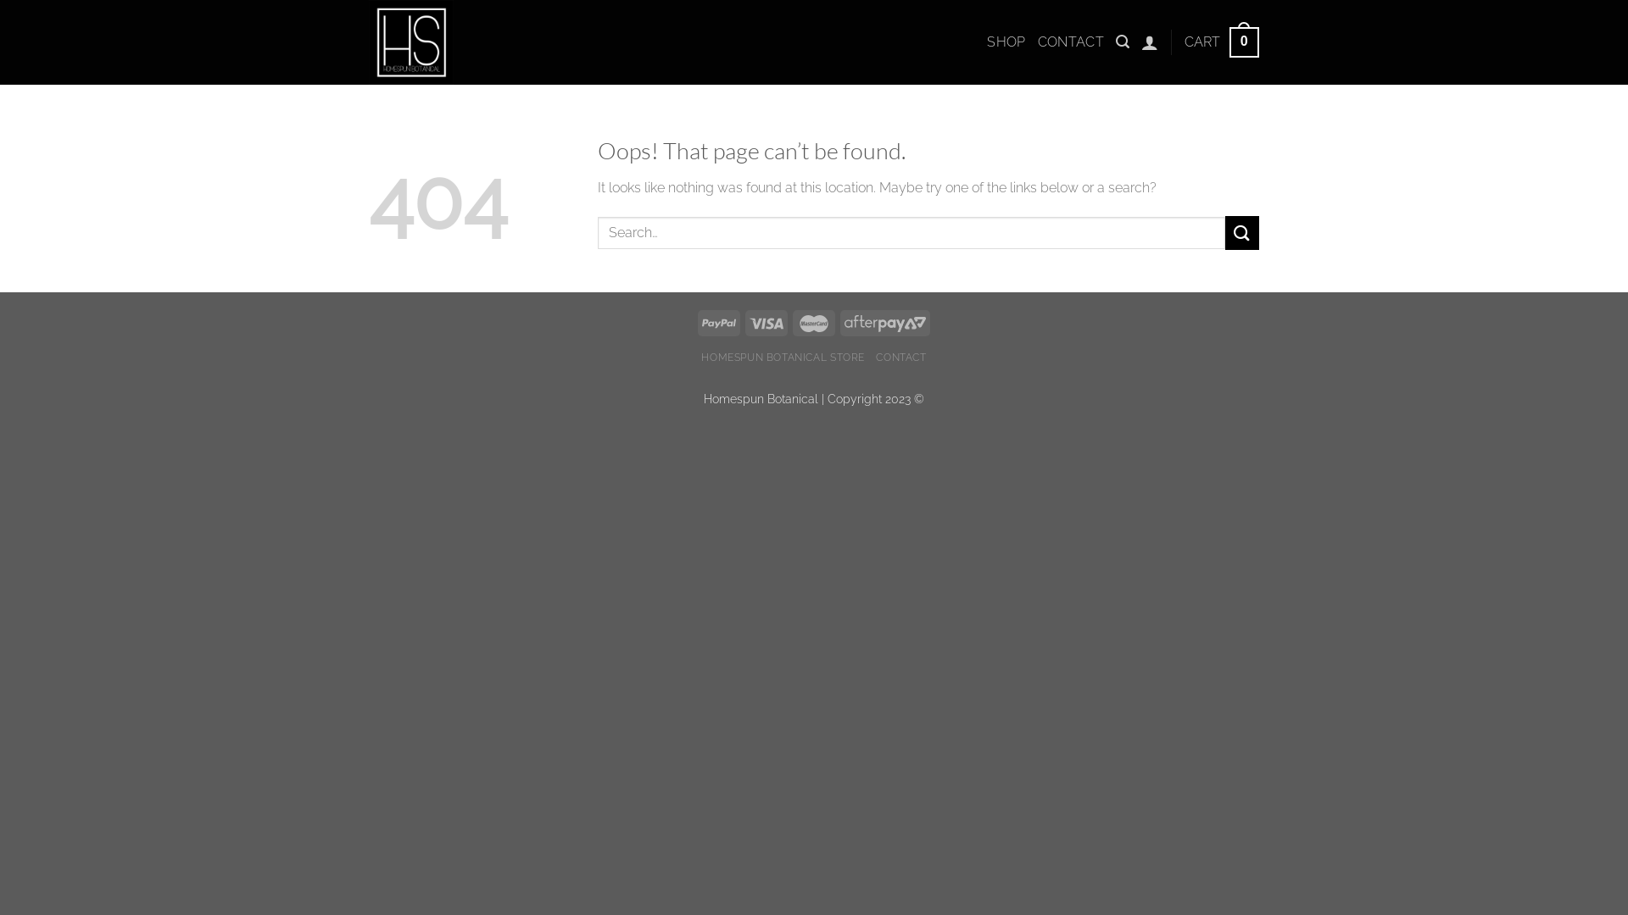  I want to click on 'SHOP', so click(986, 42).